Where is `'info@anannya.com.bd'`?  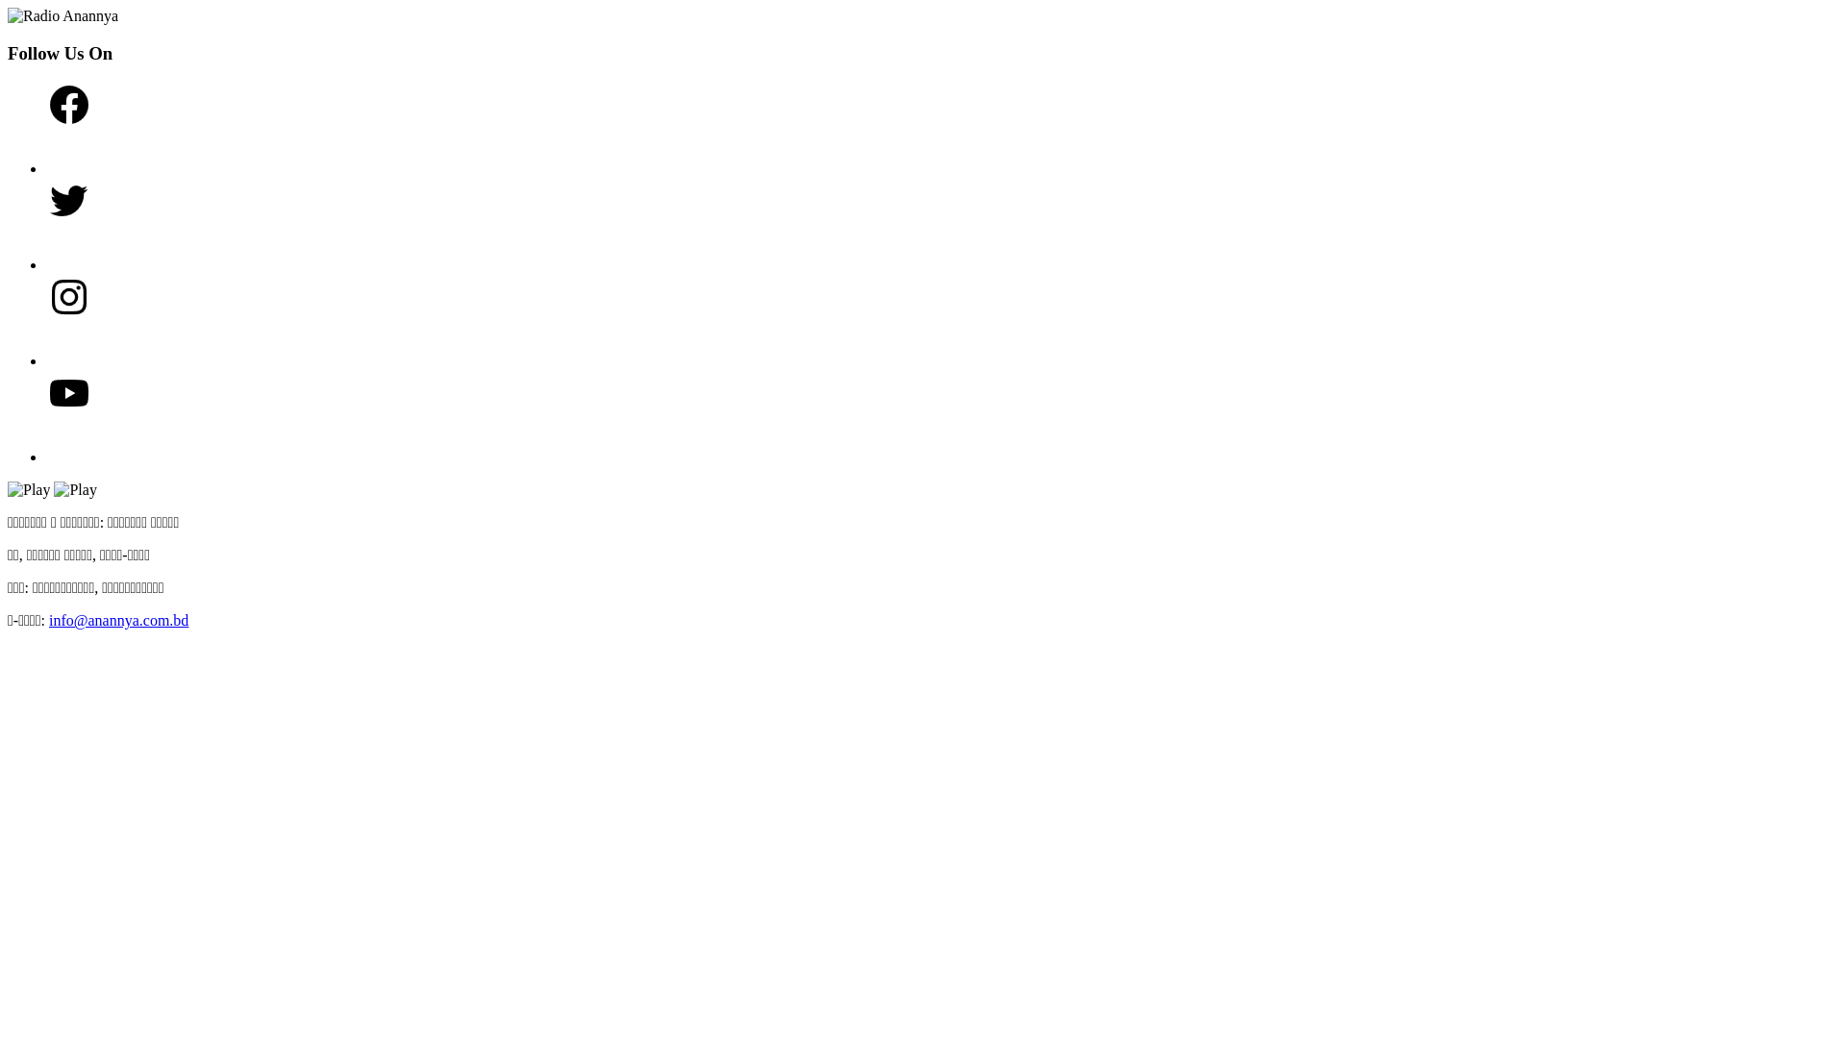 'info@anannya.com.bd' is located at coordinates (49, 620).